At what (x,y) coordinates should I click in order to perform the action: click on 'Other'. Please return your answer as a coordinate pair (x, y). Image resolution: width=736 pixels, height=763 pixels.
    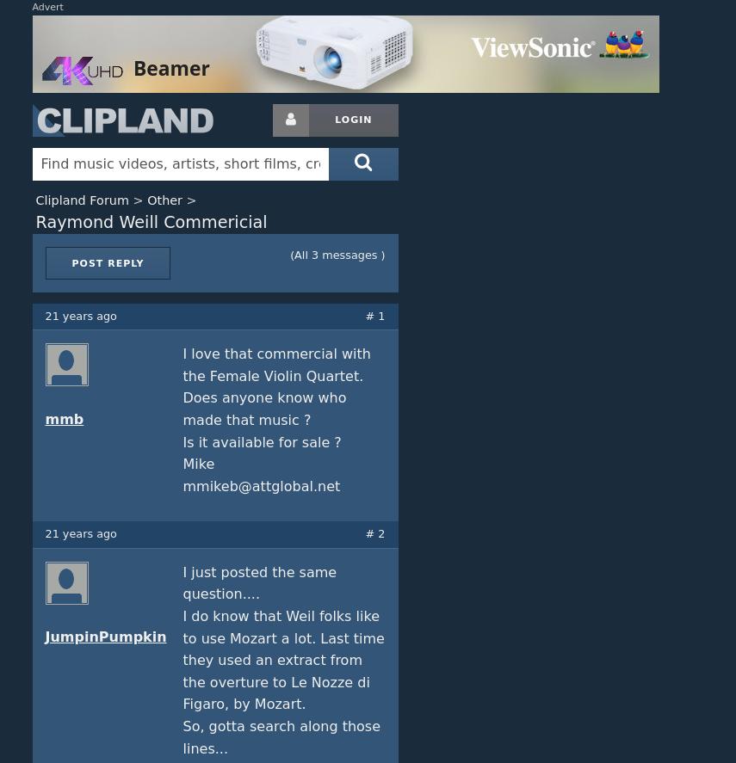
    Looking at the image, I should click on (146, 200).